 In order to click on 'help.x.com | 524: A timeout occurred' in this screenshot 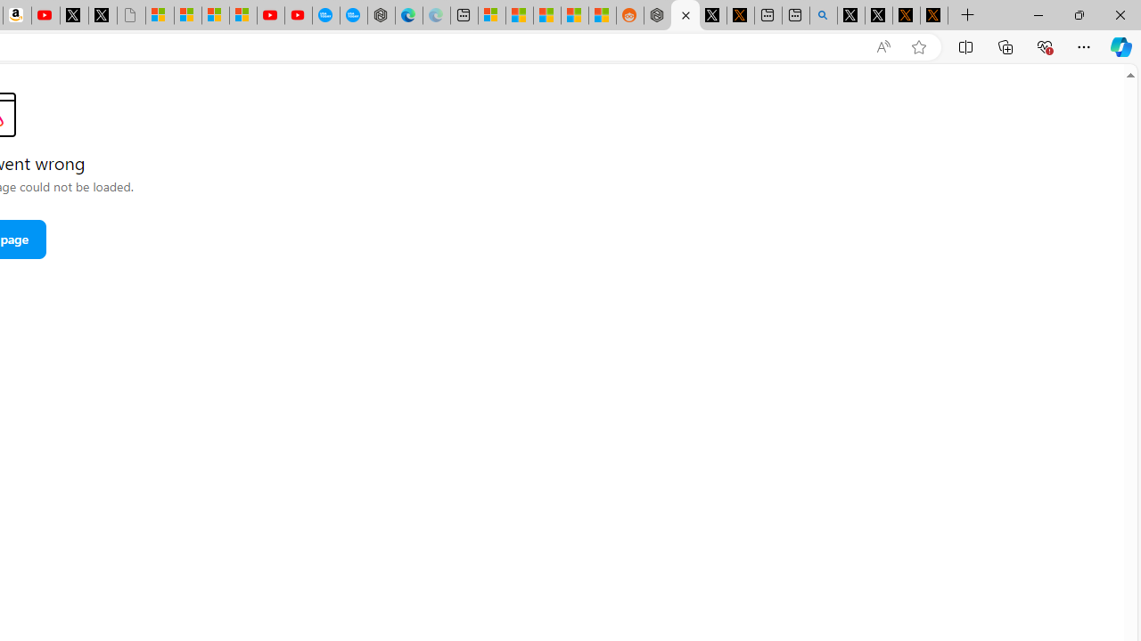, I will do `click(740, 15)`.